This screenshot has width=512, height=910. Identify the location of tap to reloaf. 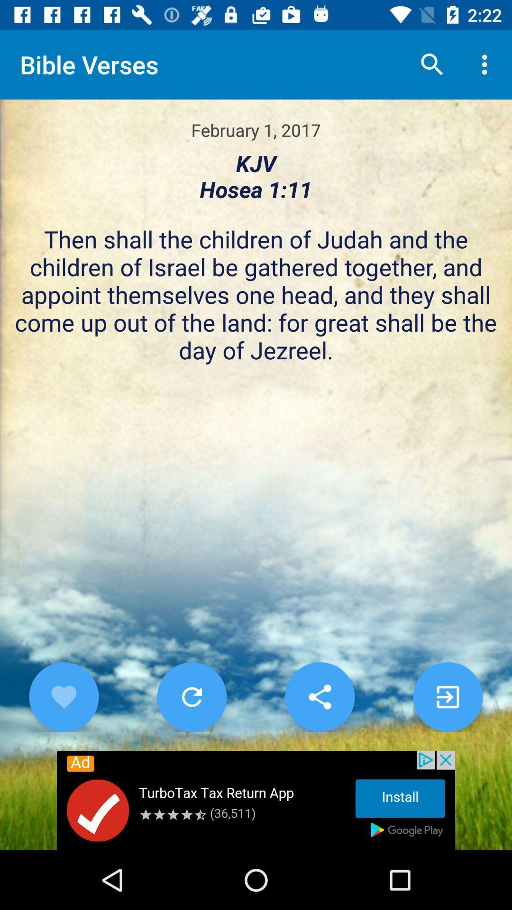
(192, 697).